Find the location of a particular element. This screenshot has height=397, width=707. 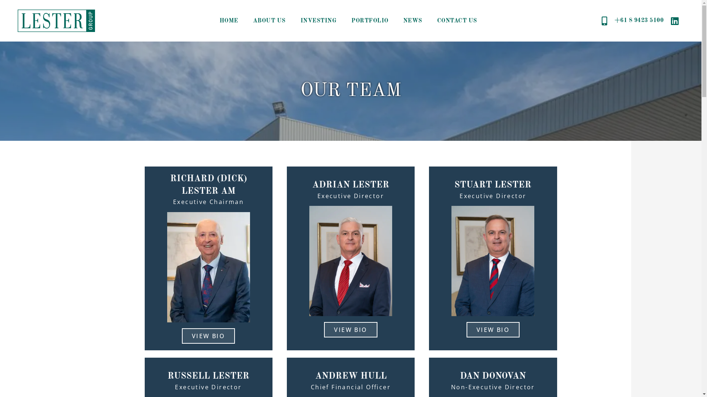

'HOME' is located at coordinates (228, 21).